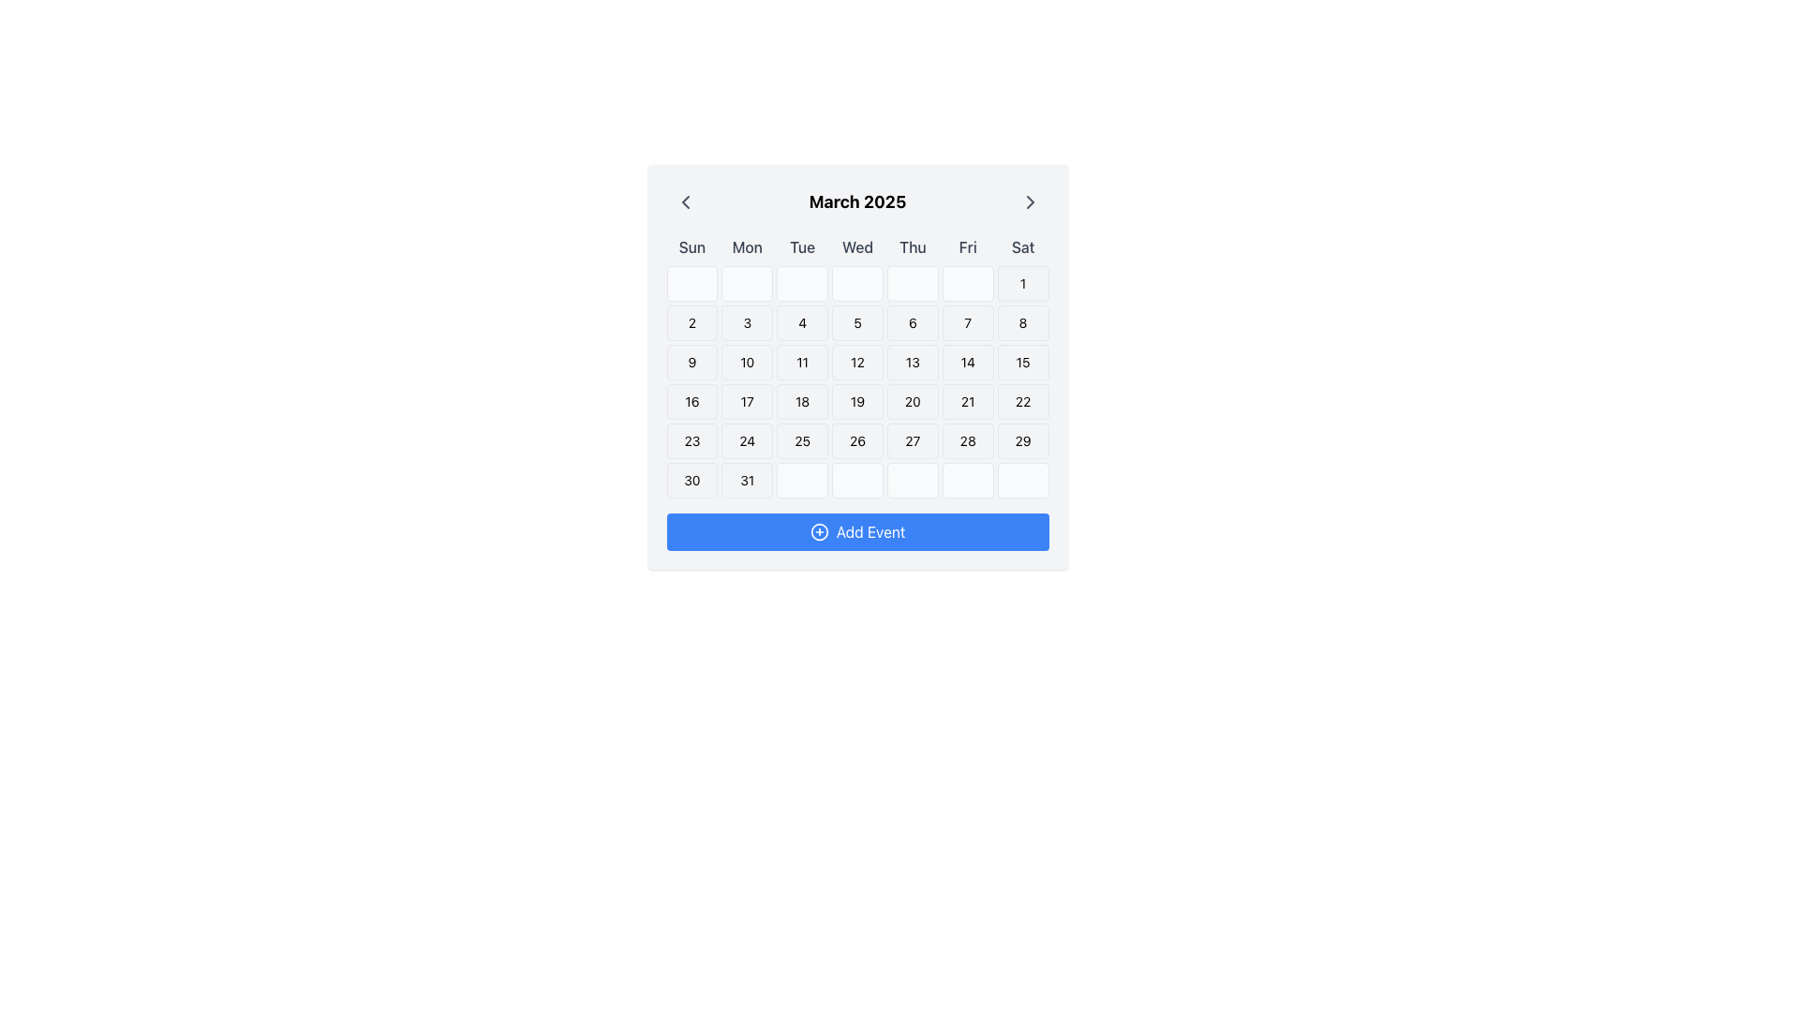  I want to click on the Calendar Day Slot in the 'Sun' column, which is a square-shaped box with rounded corners located at the top left of the calendar, above the digit '2', so click(691, 284).